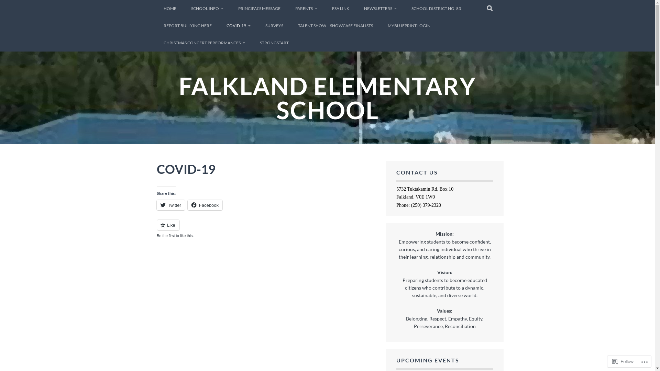  I want to click on 'FSA LINK', so click(340, 8).